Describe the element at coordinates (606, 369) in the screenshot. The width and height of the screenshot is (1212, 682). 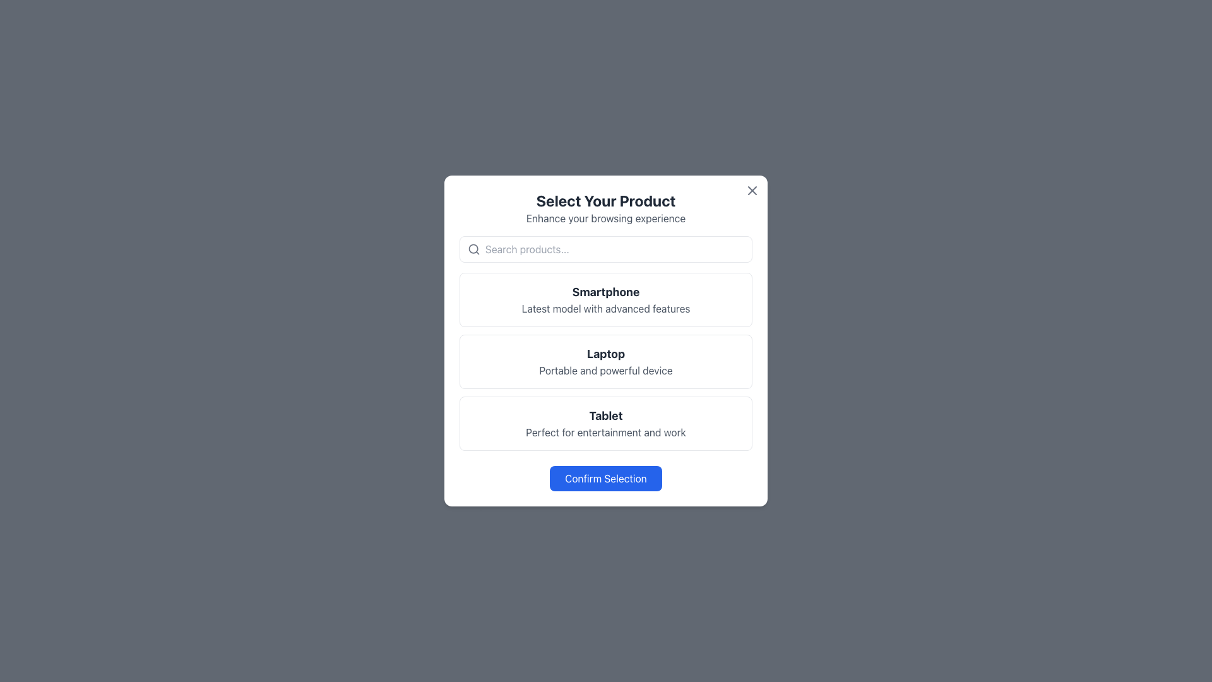
I see `the descriptive subtitle text label located beneath the bold title 'Laptop' in the modal dialog` at that location.